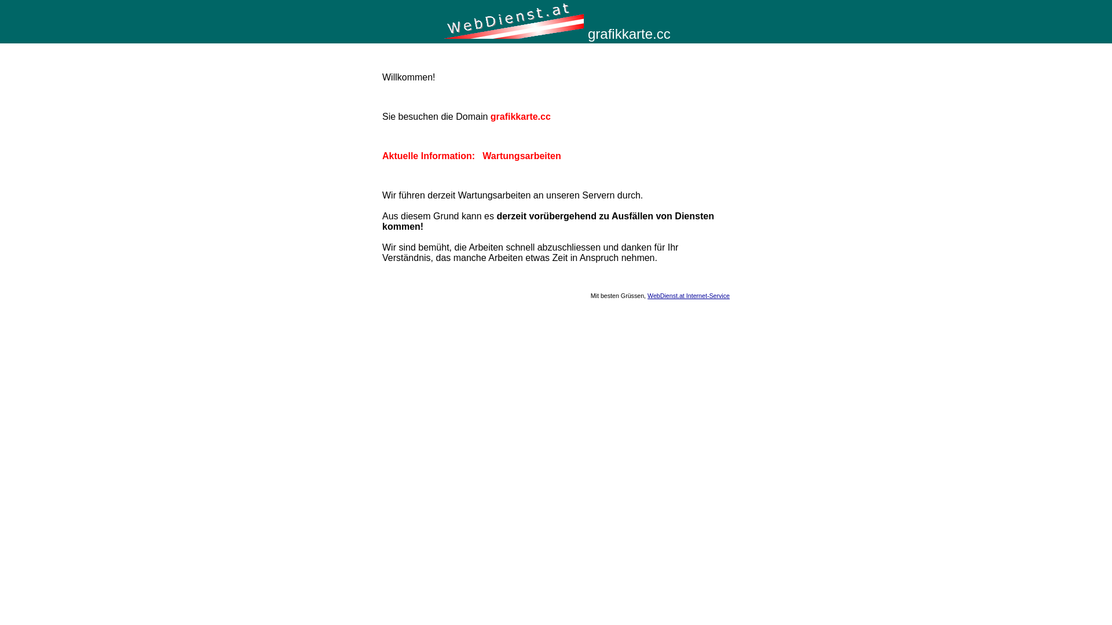 The width and height of the screenshot is (1112, 625). Describe the element at coordinates (689, 295) in the screenshot. I see `'WebDienst.at Internet-Service'` at that location.